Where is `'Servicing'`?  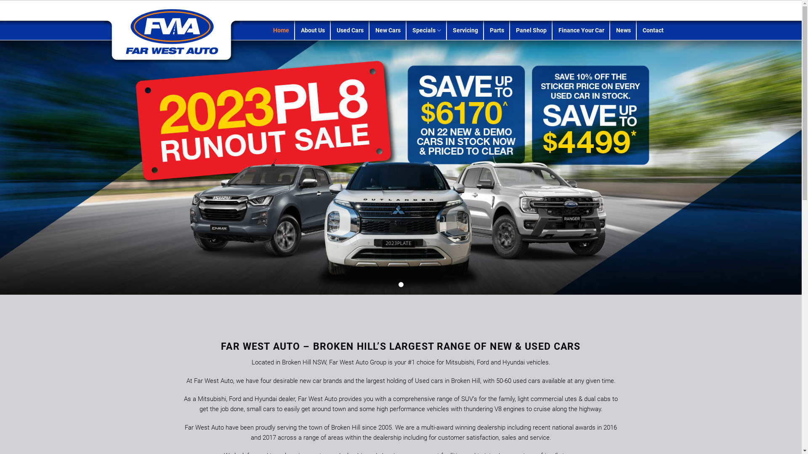 'Servicing' is located at coordinates (465, 30).